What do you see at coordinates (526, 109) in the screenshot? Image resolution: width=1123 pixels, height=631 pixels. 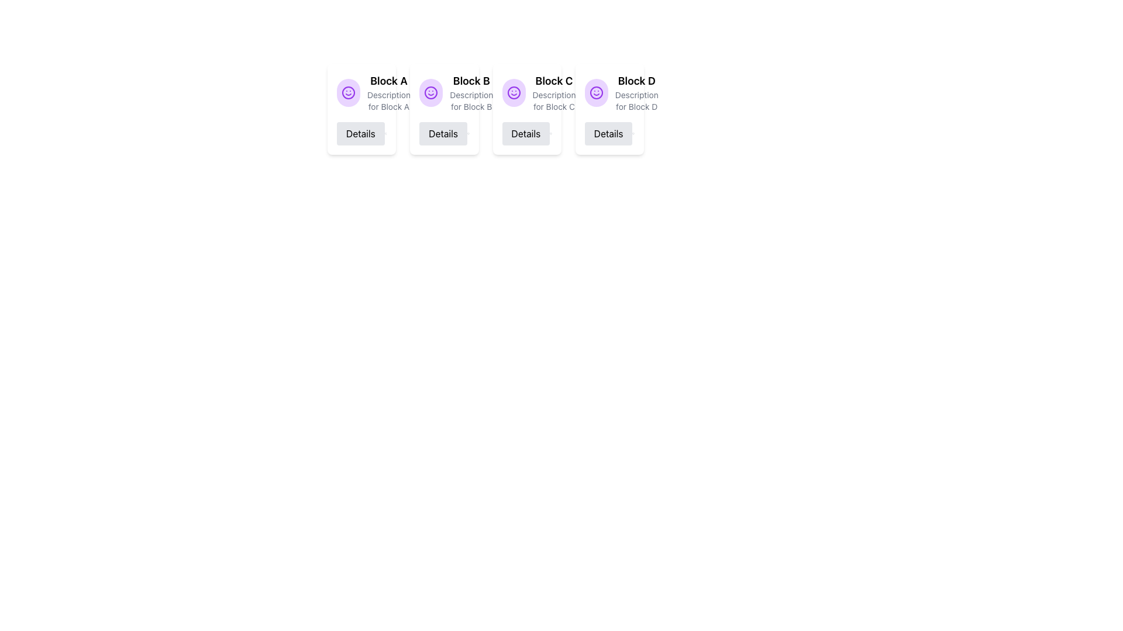 I see `the interactive 'Details' button located at the bottom of the Card element related to 'Block C.'` at bounding box center [526, 109].